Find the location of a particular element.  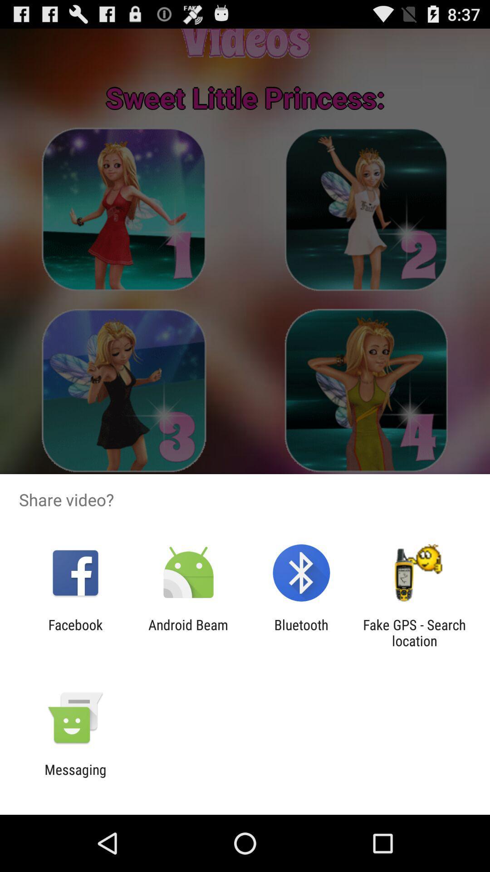

icon to the left of the bluetooth item is located at coordinates (188, 632).